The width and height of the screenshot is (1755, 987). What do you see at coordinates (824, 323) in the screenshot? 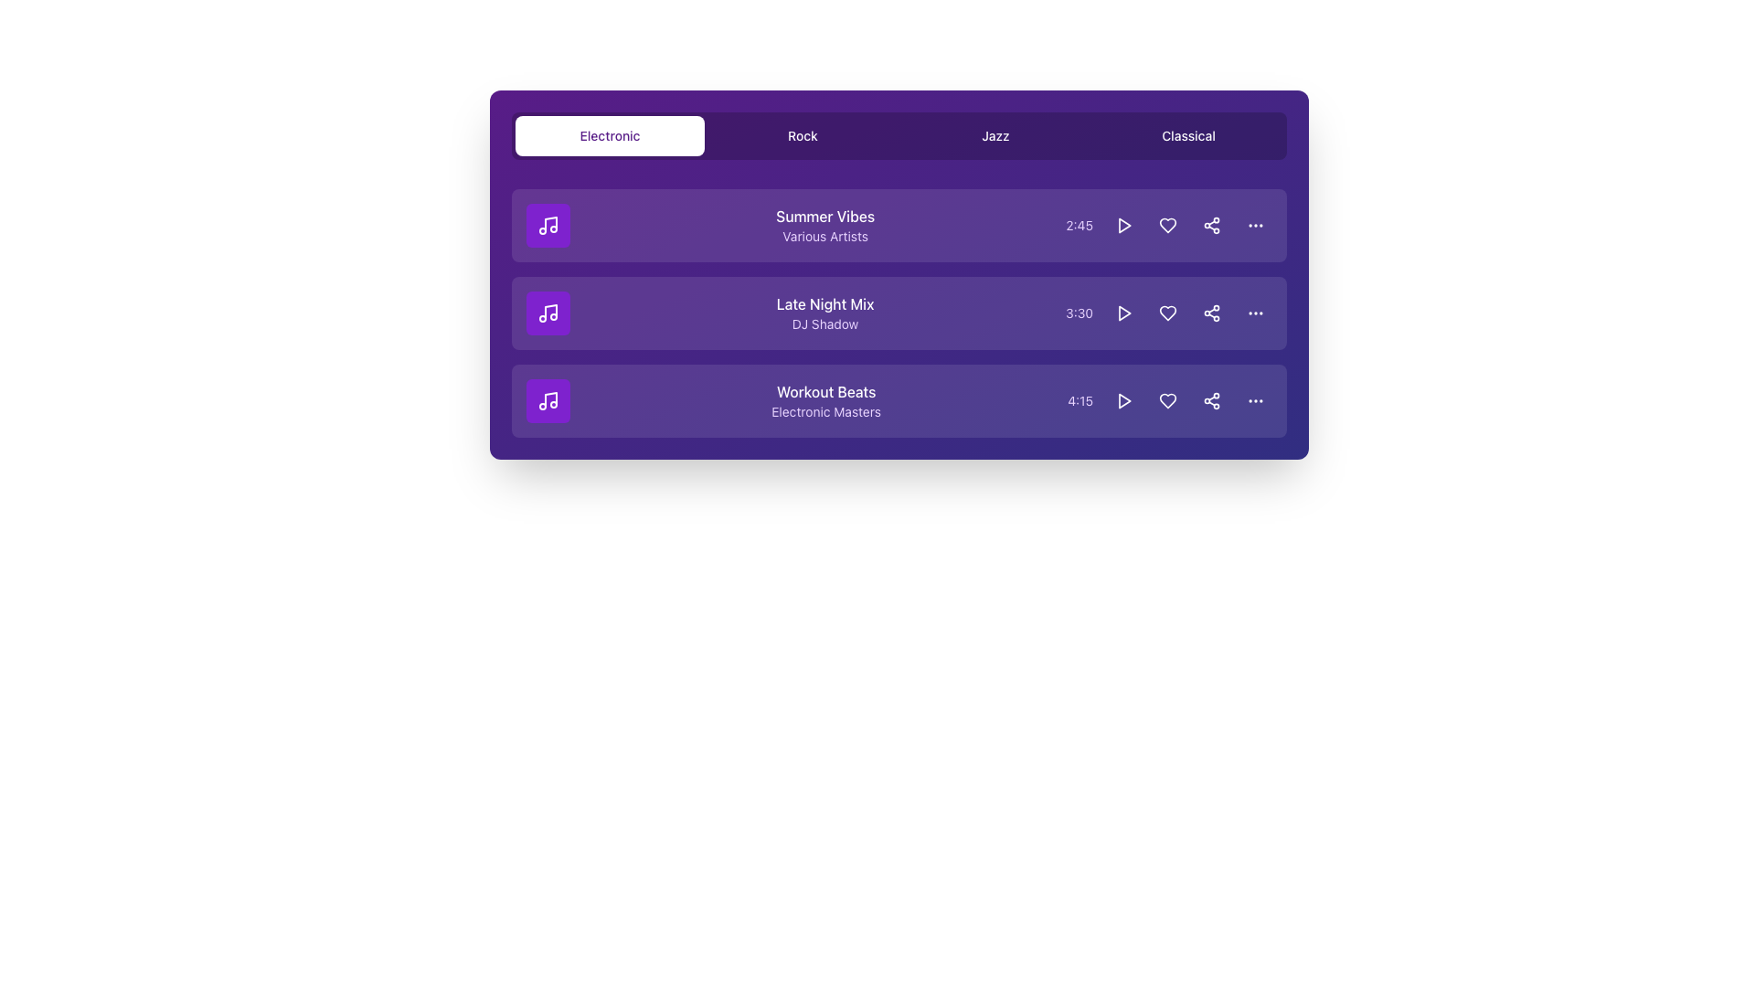
I see `the text label displaying the artist name 'DJ Shadow', which is located directly below the title 'Late Night Mix' in the music track list` at bounding box center [824, 323].